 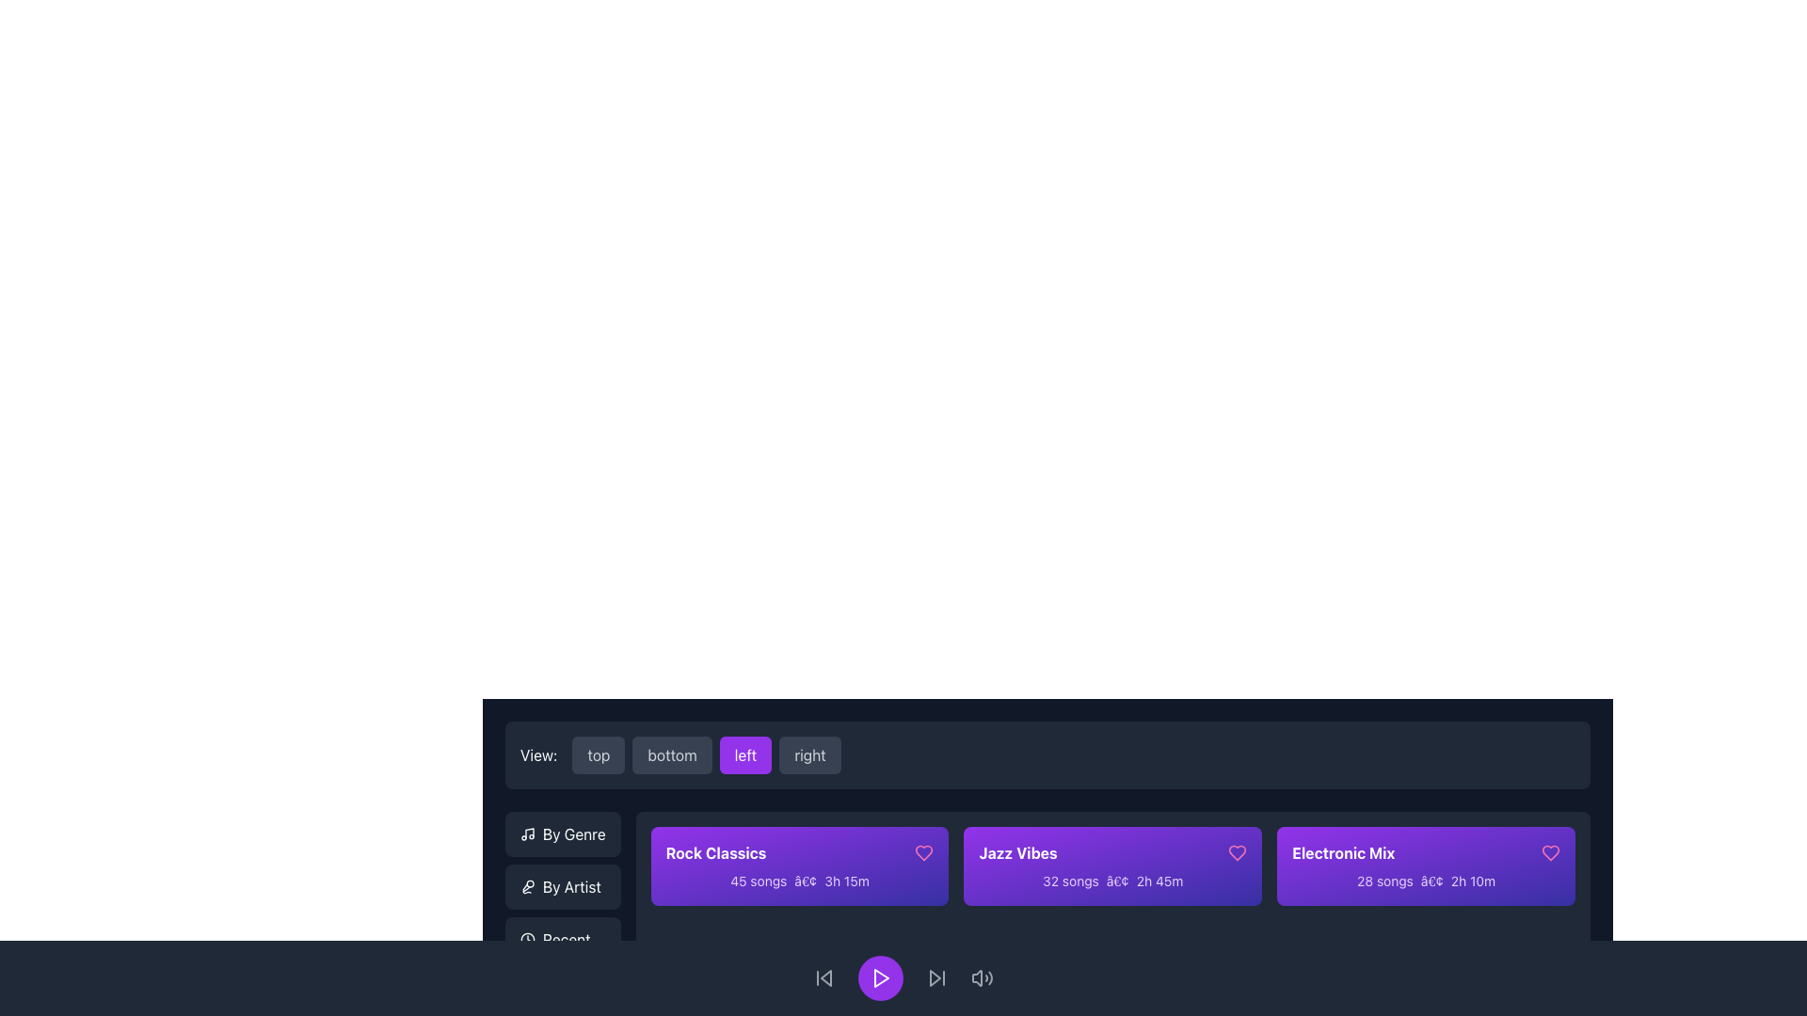 What do you see at coordinates (935, 977) in the screenshot?
I see `the arrow-shaped vector graphic icon, which is styled with a thin stroke and no fill, located within a circular button in the bottom control panel of the application interface` at bounding box center [935, 977].